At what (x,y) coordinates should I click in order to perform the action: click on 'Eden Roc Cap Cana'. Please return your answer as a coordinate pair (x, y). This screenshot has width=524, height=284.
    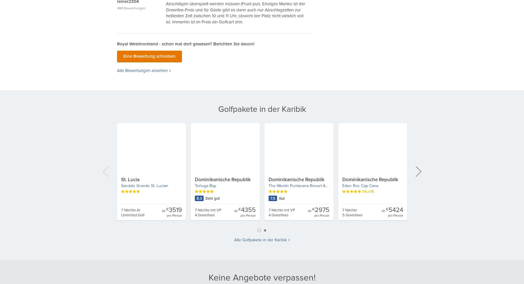
    Looking at the image, I should click on (360, 185).